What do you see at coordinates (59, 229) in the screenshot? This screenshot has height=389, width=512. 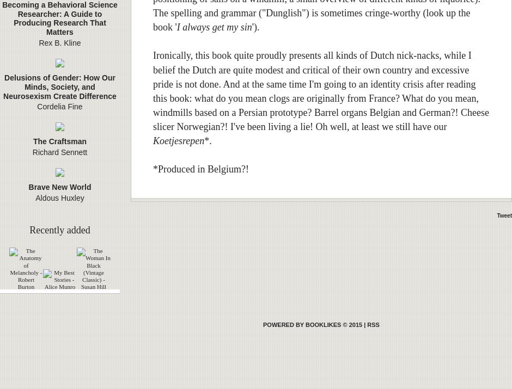 I see `'Recently added'` at bounding box center [59, 229].